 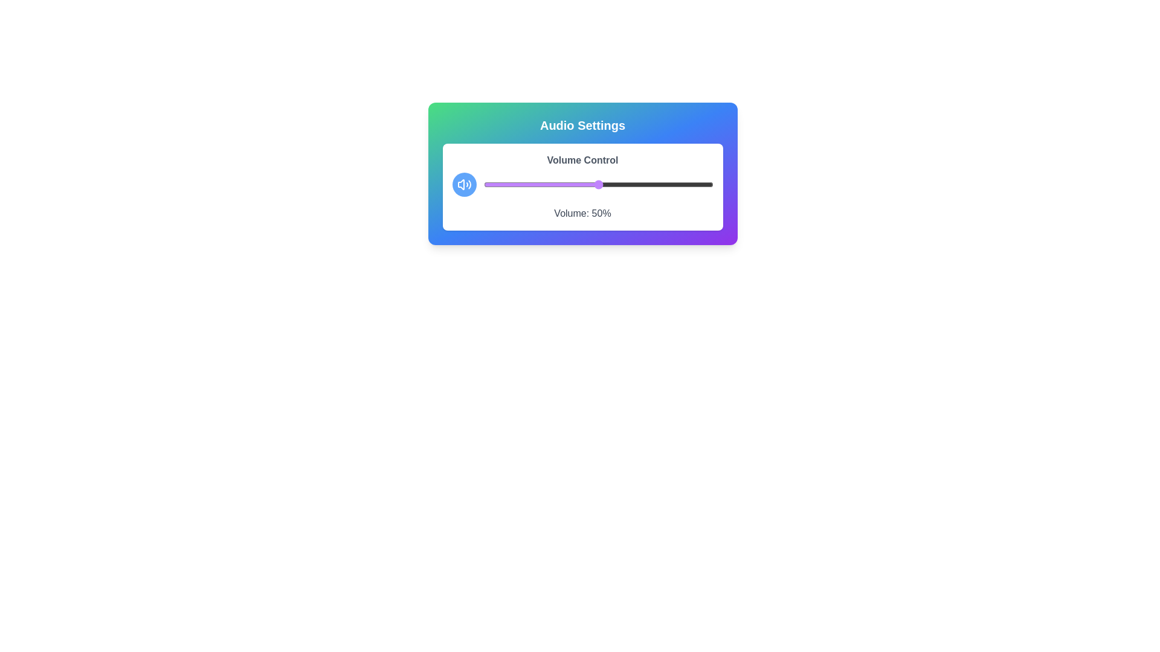 I want to click on volume slider, so click(x=561, y=184).